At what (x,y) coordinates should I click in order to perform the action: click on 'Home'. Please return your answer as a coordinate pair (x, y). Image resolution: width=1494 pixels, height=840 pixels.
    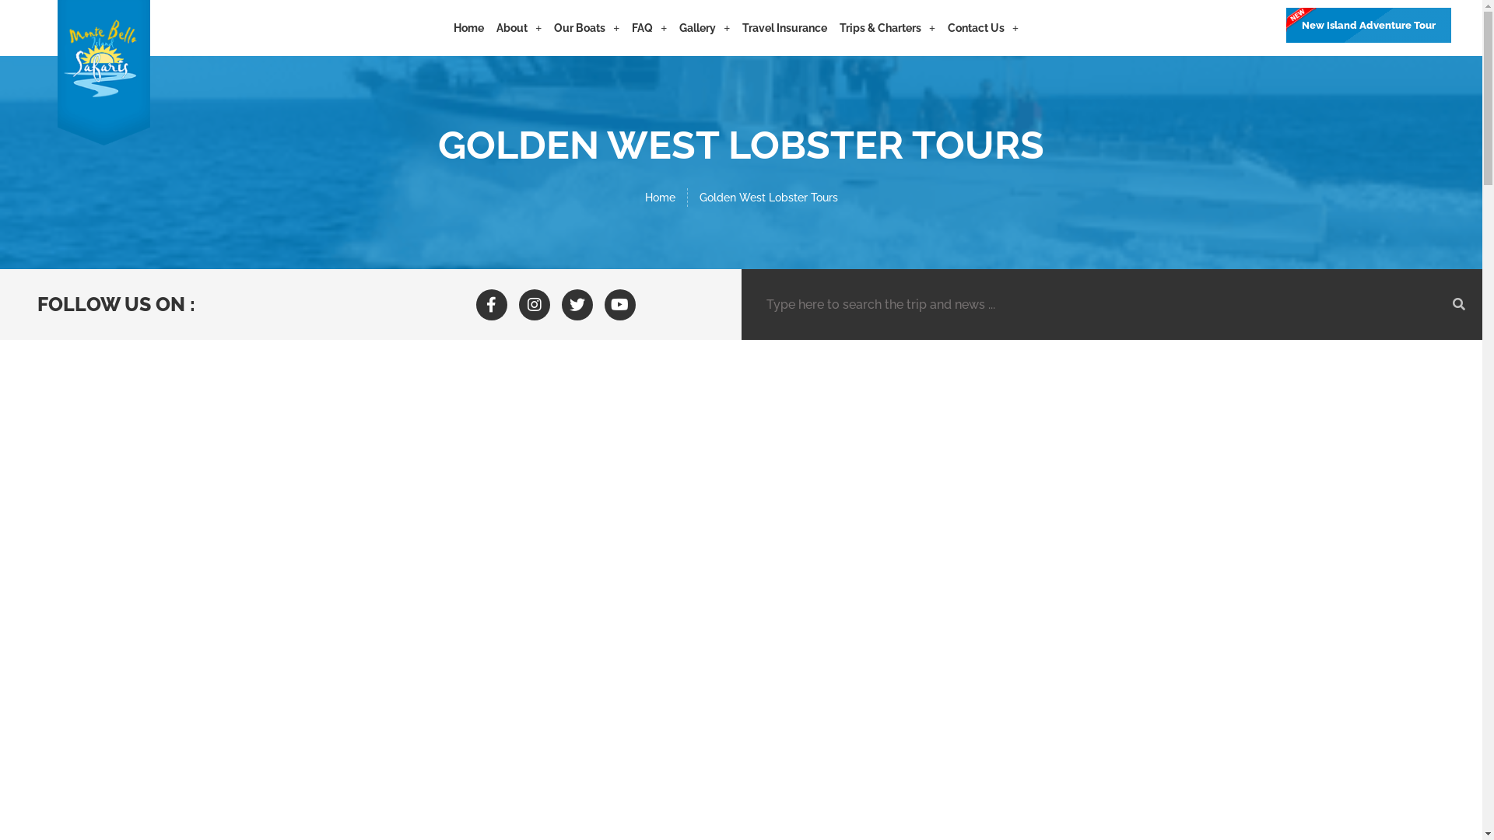
    Looking at the image, I should click on (659, 197).